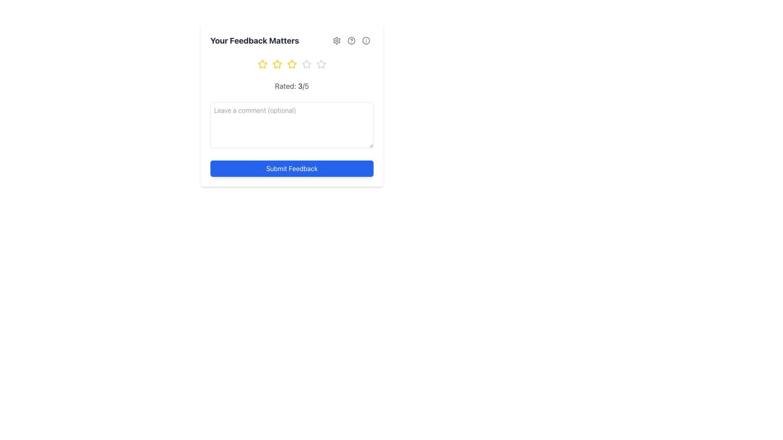  I want to click on the Help icon located in the top-right corner of the feedback card, so click(352, 41).